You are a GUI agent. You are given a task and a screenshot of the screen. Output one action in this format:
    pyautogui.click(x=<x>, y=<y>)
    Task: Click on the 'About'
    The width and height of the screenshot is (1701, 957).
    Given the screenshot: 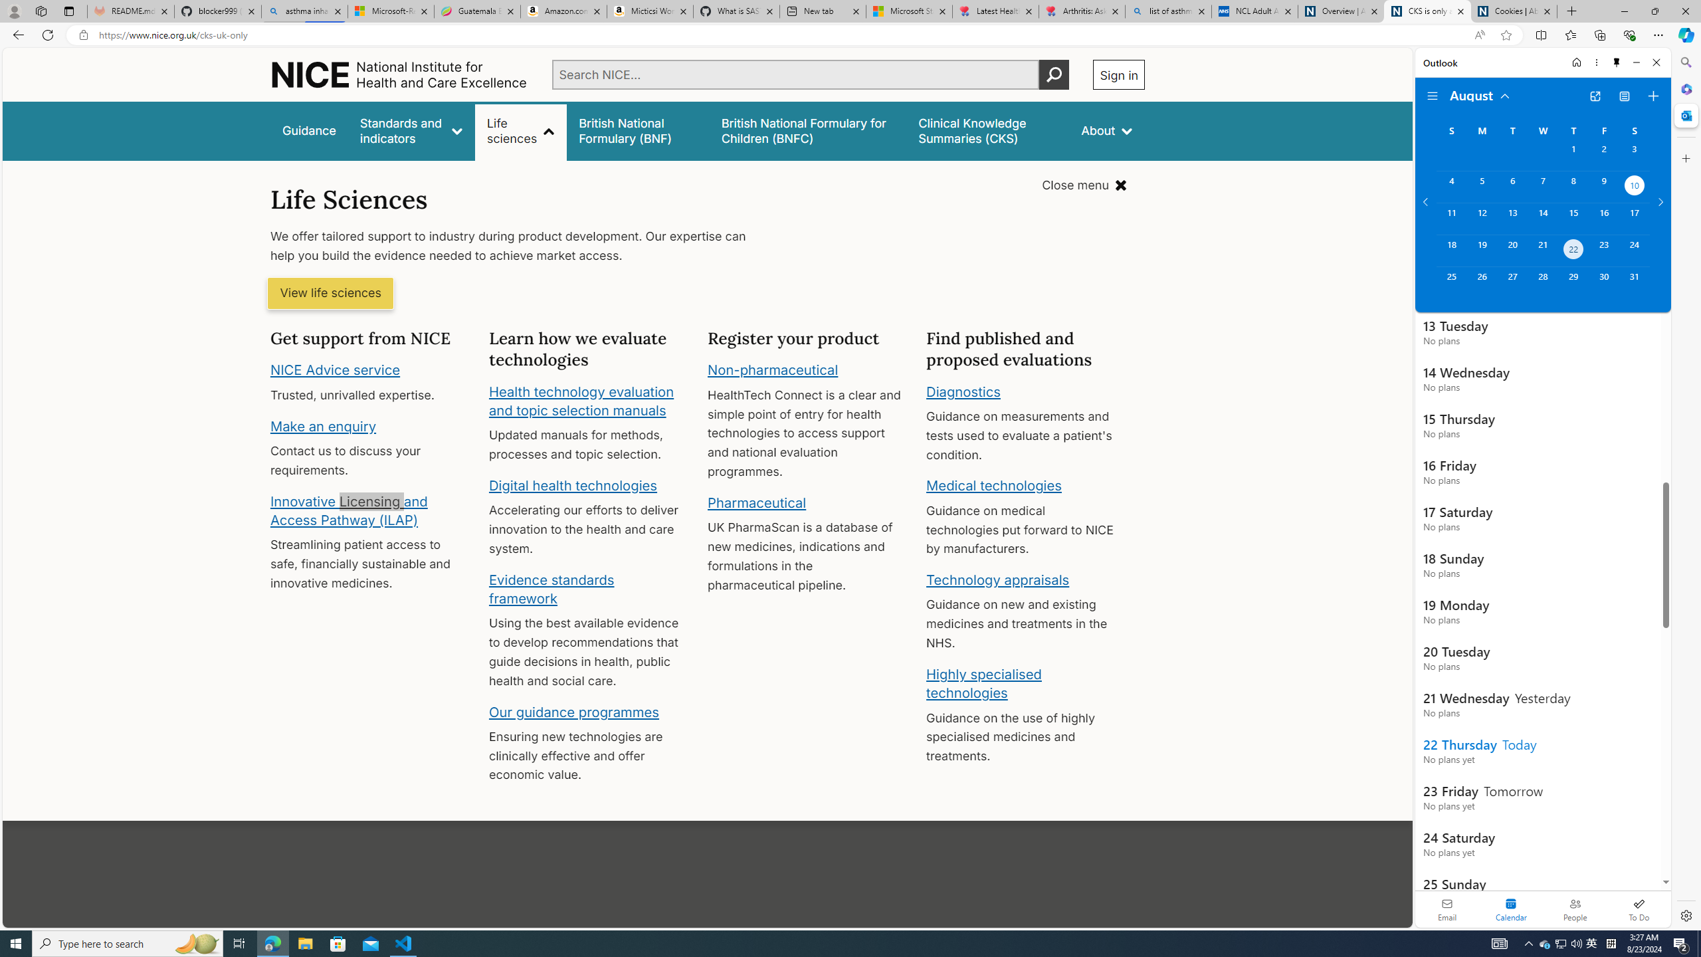 What is the action you would take?
    pyautogui.click(x=1107, y=130)
    